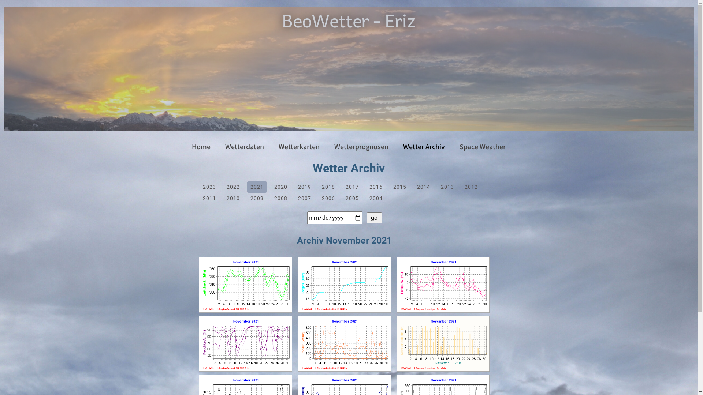 The height and width of the screenshot is (395, 703). What do you see at coordinates (233, 198) in the screenshot?
I see `'2010'` at bounding box center [233, 198].